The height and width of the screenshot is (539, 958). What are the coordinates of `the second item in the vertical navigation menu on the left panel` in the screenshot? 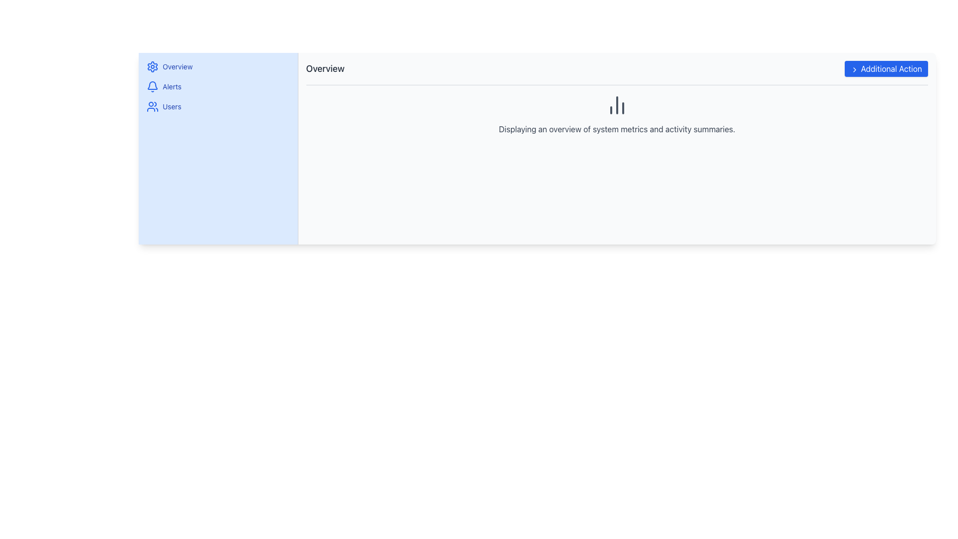 It's located at (218, 86).